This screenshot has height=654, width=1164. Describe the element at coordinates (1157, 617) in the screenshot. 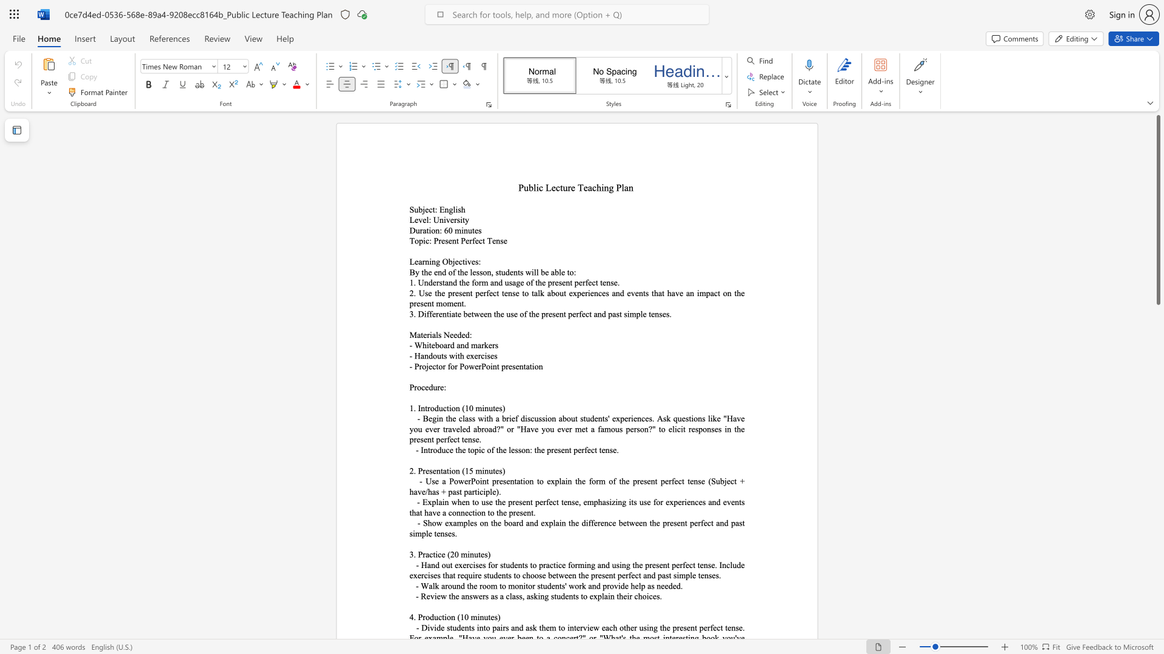

I see `the scrollbar on the right` at that location.